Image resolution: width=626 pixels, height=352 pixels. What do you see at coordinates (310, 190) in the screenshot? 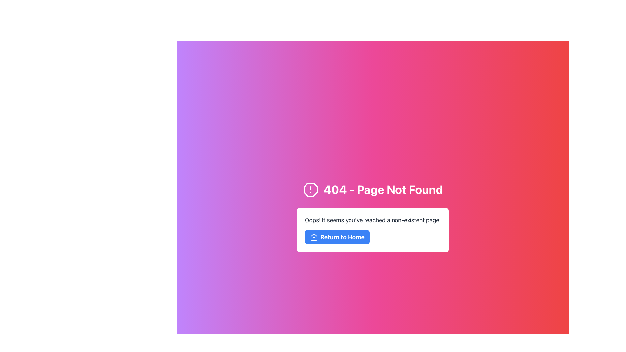
I see `the stylized octagonal SVG icon with a pinkish hue that contains an exclamation mark, located near the '404 - Page Not Found' text` at bounding box center [310, 190].